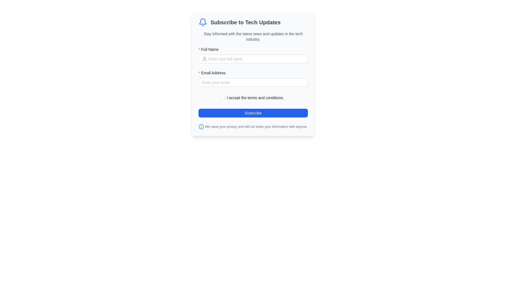 The image size is (525, 295). What do you see at coordinates (253, 22) in the screenshot?
I see `heading labeled 'Subscribe to Tech Updates' which includes a blue bell icon, to understand the form's purpose` at bounding box center [253, 22].